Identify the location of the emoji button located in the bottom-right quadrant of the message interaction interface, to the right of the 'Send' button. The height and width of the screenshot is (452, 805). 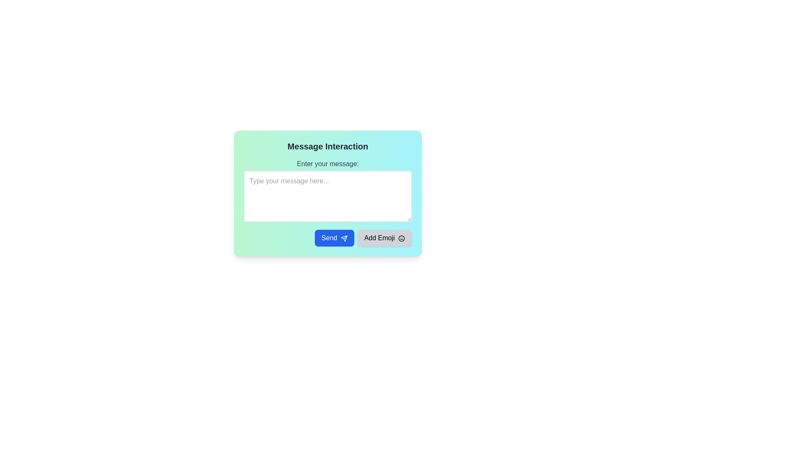
(384, 238).